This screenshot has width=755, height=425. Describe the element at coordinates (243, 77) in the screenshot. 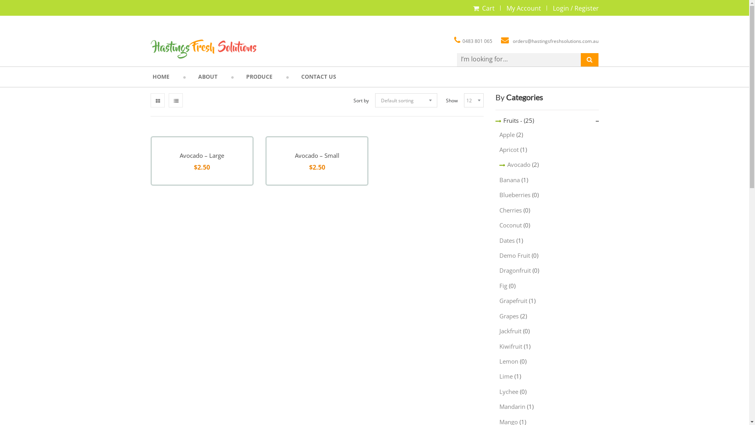

I see `'PRODUCE'` at that location.